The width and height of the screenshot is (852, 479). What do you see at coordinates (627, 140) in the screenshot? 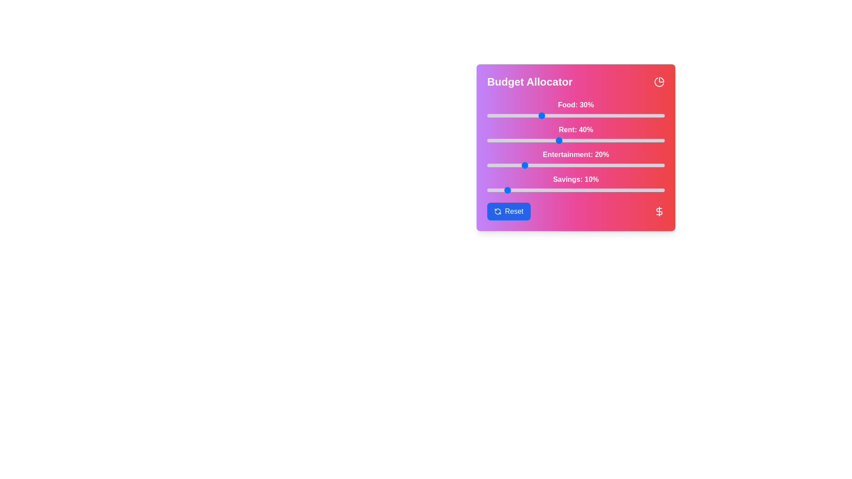
I see `the rent allocation` at bounding box center [627, 140].